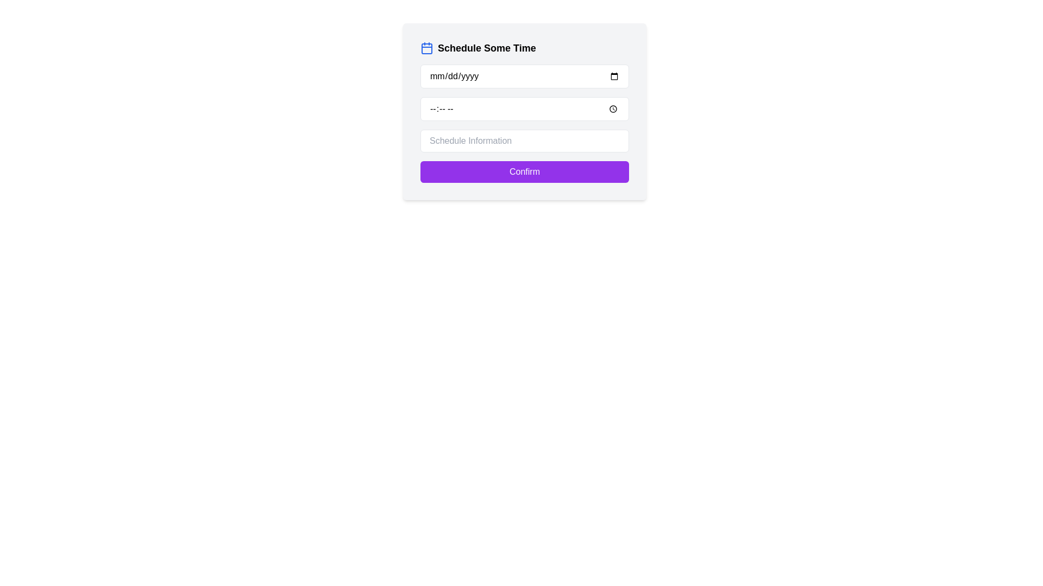  What do you see at coordinates (426, 48) in the screenshot?
I see `the interior rectangular part of the calendar icon located to the left of the title 'Schedule Some Time'` at bounding box center [426, 48].